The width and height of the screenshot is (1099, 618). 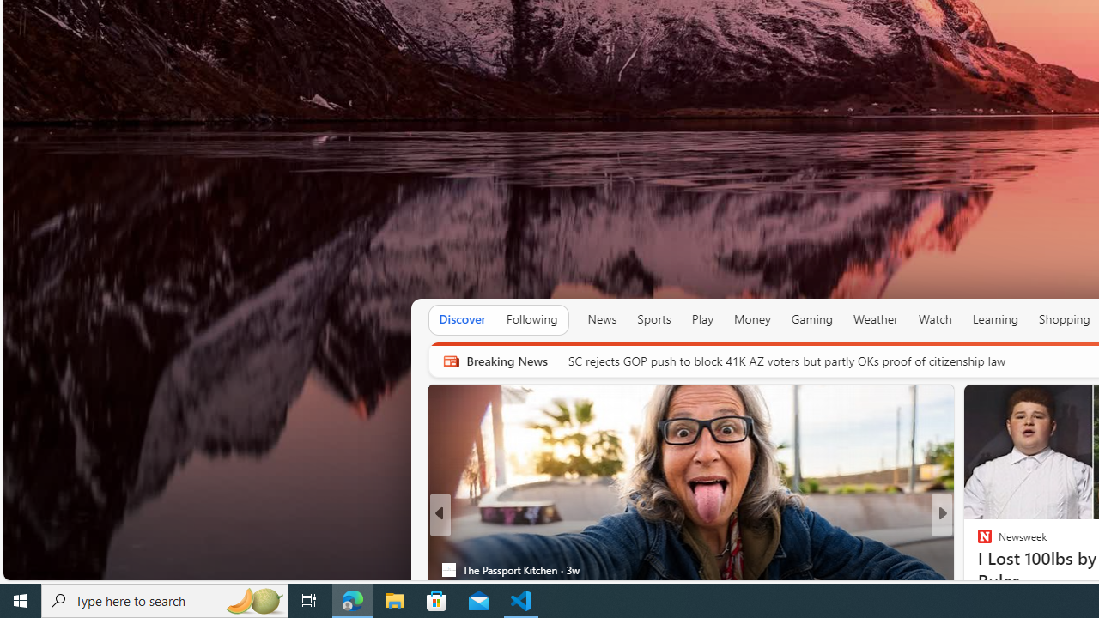 What do you see at coordinates (977, 542) in the screenshot?
I see `'Popular Mechanics'` at bounding box center [977, 542].